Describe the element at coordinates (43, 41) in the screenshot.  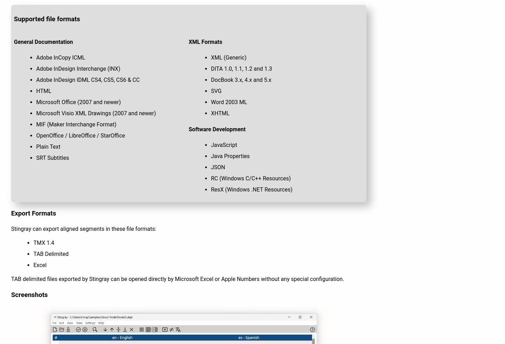
I see `'General Documentation'` at that location.